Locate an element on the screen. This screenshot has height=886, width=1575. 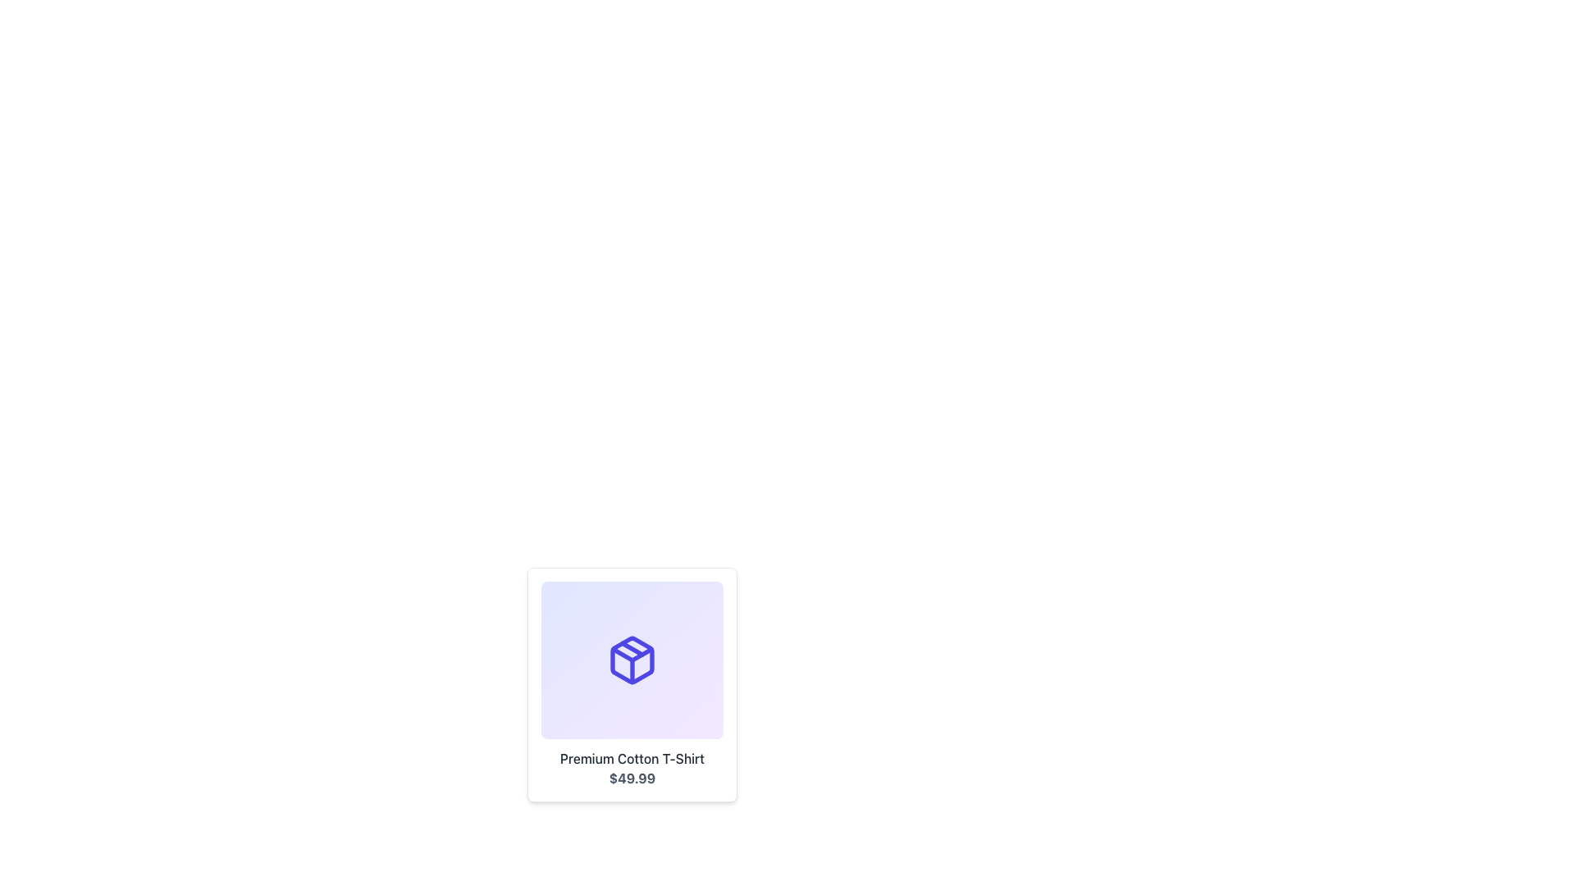
price displayed in the text label showing '$49.99', which is centrally aligned below the 'Premium Cotton T-Shirt' text within the card component is located at coordinates (632, 777).